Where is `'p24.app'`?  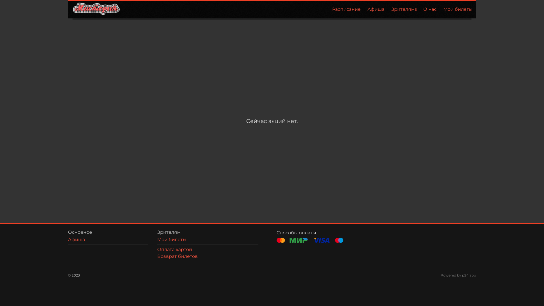 'p24.app' is located at coordinates (469, 275).